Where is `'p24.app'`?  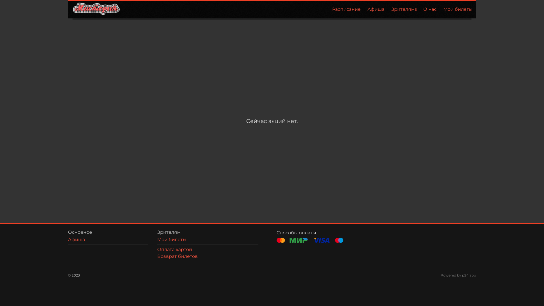 'p24.app' is located at coordinates (469, 275).